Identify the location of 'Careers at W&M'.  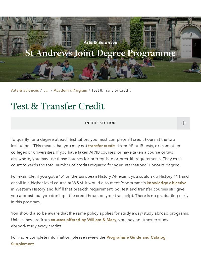
(100, 59).